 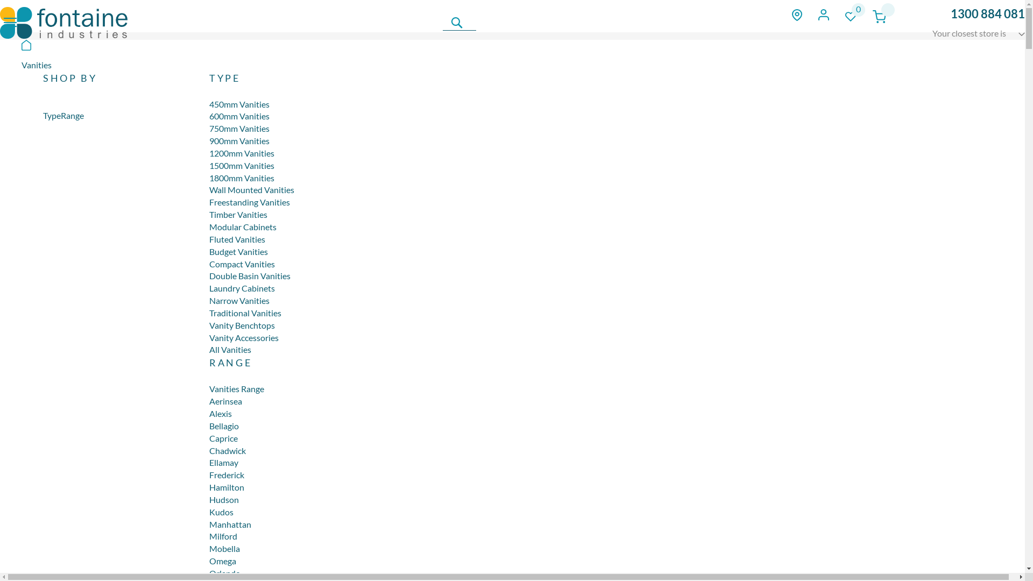 What do you see at coordinates (818, 15) in the screenshot?
I see `'Account'` at bounding box center [818, 15].